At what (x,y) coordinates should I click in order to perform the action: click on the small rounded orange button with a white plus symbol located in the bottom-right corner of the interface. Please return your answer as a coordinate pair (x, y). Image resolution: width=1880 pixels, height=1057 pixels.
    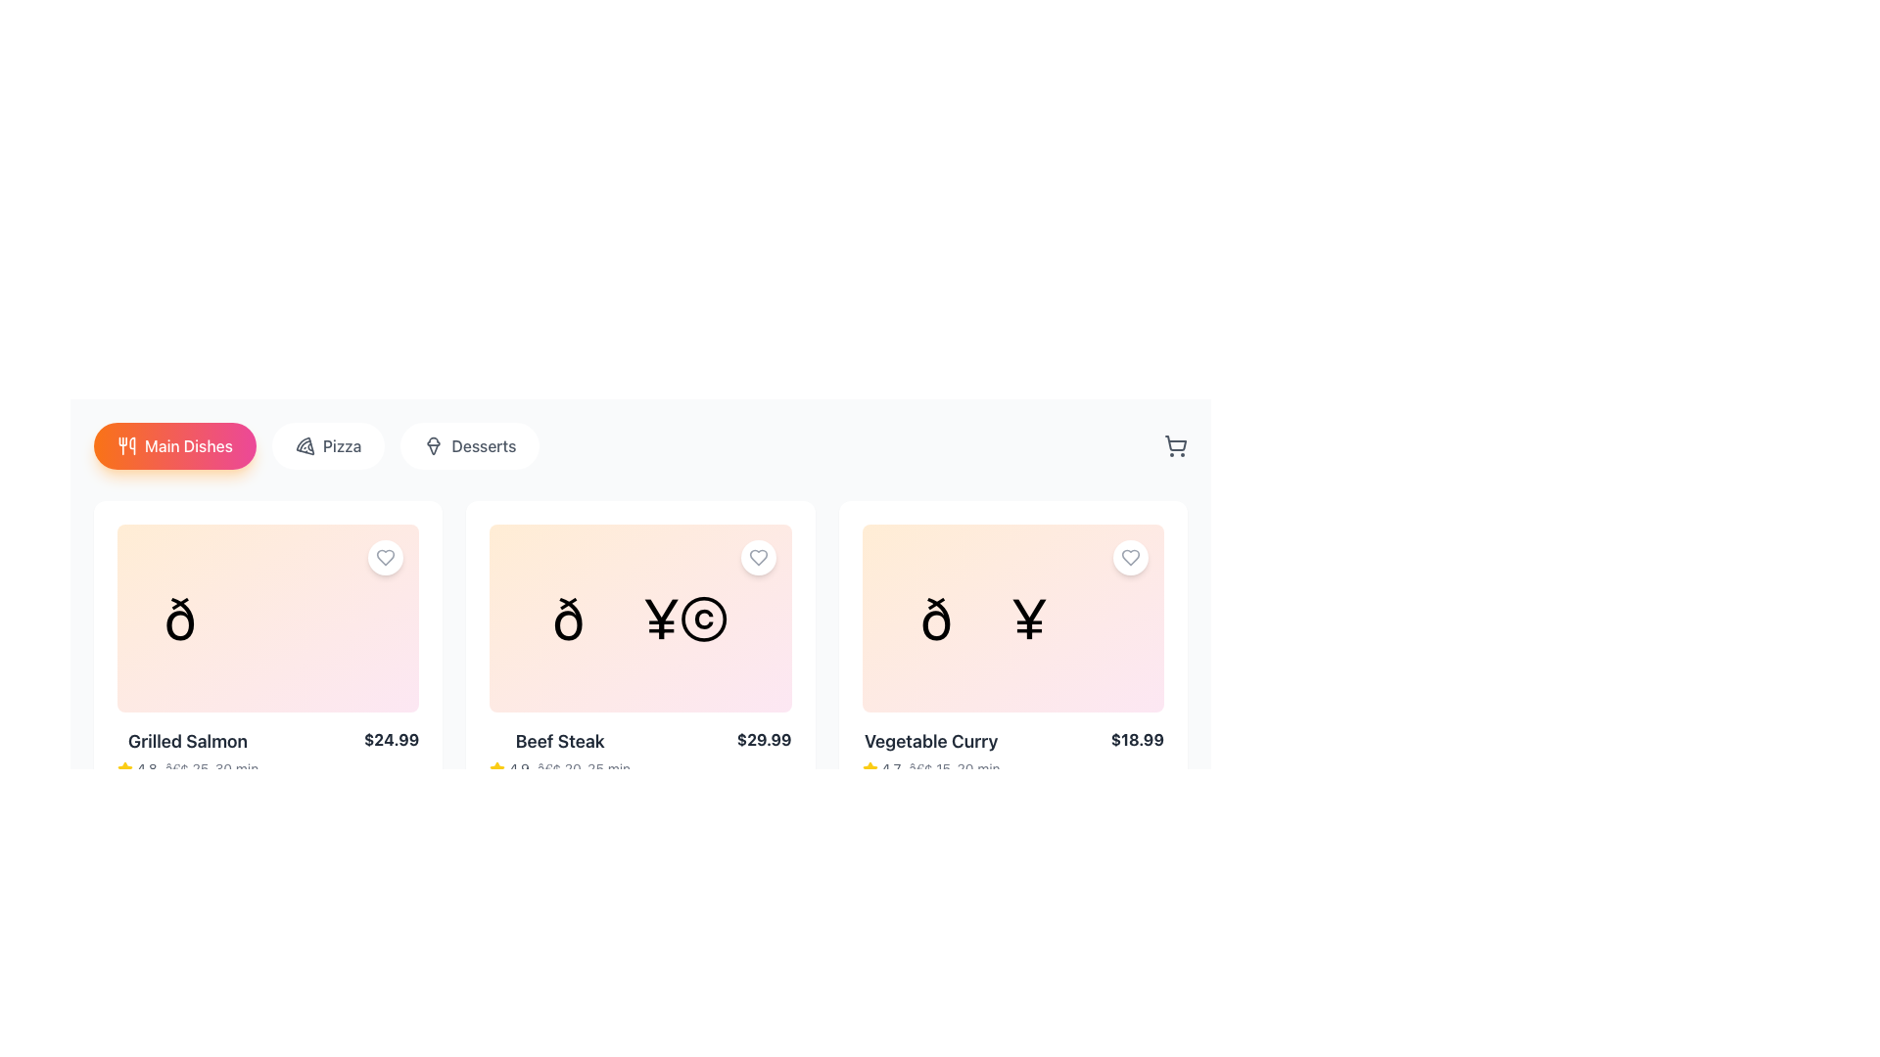
    Looking at the image, I should click on (1147, 811).